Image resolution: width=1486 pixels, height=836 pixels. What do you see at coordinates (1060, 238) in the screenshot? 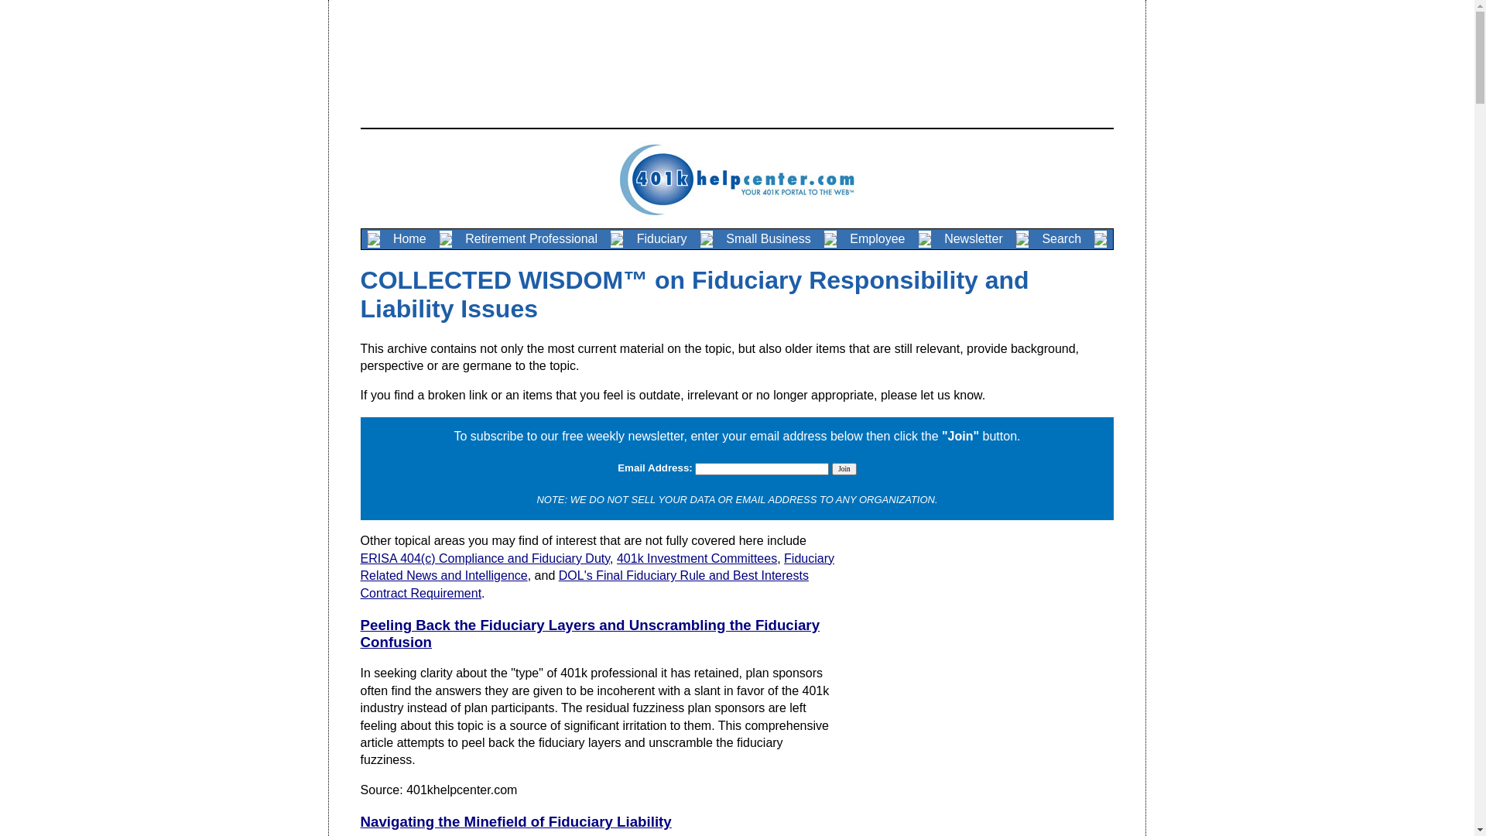
I see `'   Search   '` at bounding box center [1060, 238].